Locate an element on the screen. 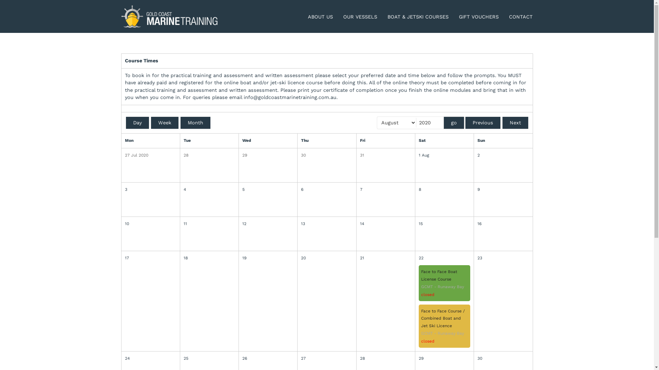  '30' is located at coordinates (301, 156).